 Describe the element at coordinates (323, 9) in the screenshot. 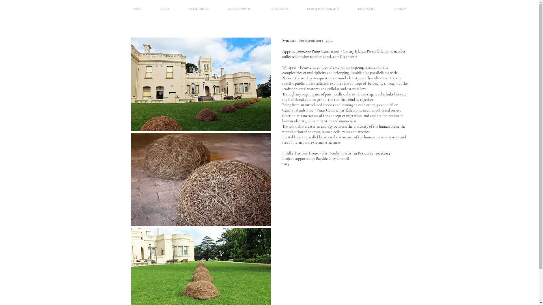

I see `'DIGITAL PHOTOGRAPHY'` at that location.